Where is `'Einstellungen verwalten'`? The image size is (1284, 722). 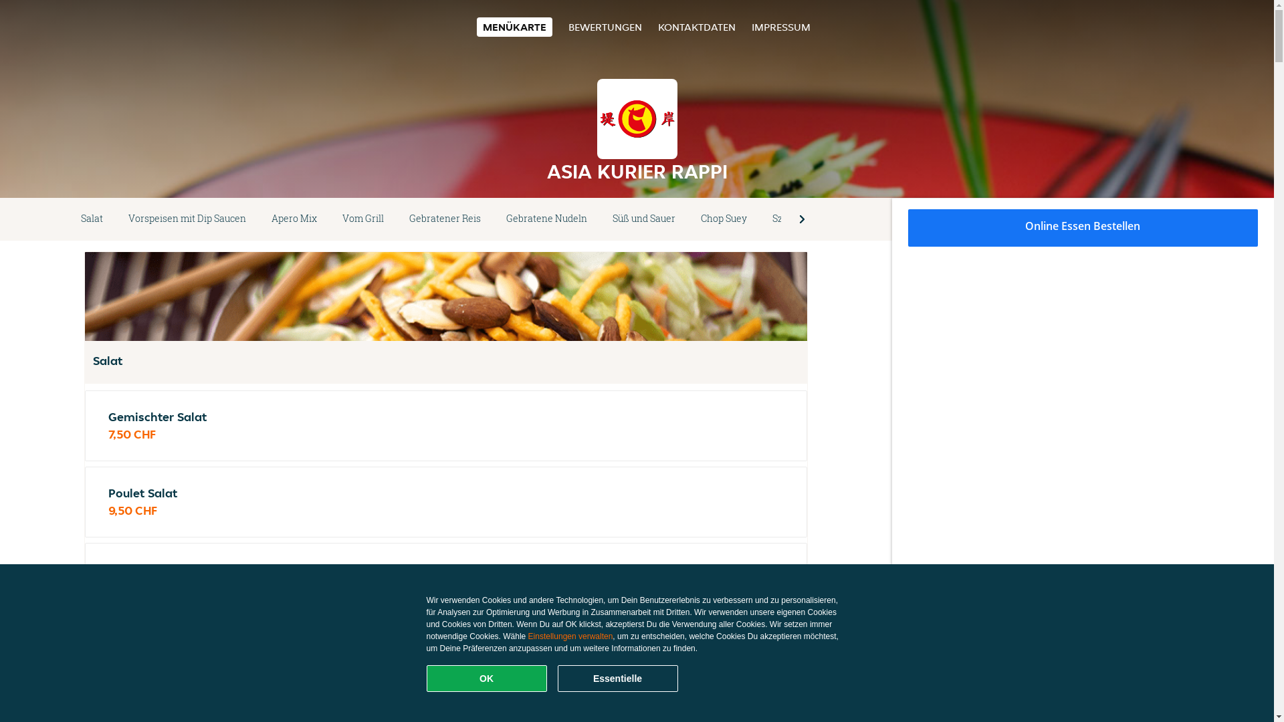
'Einstellungen verwalten' is located at coordinates (570, 636).